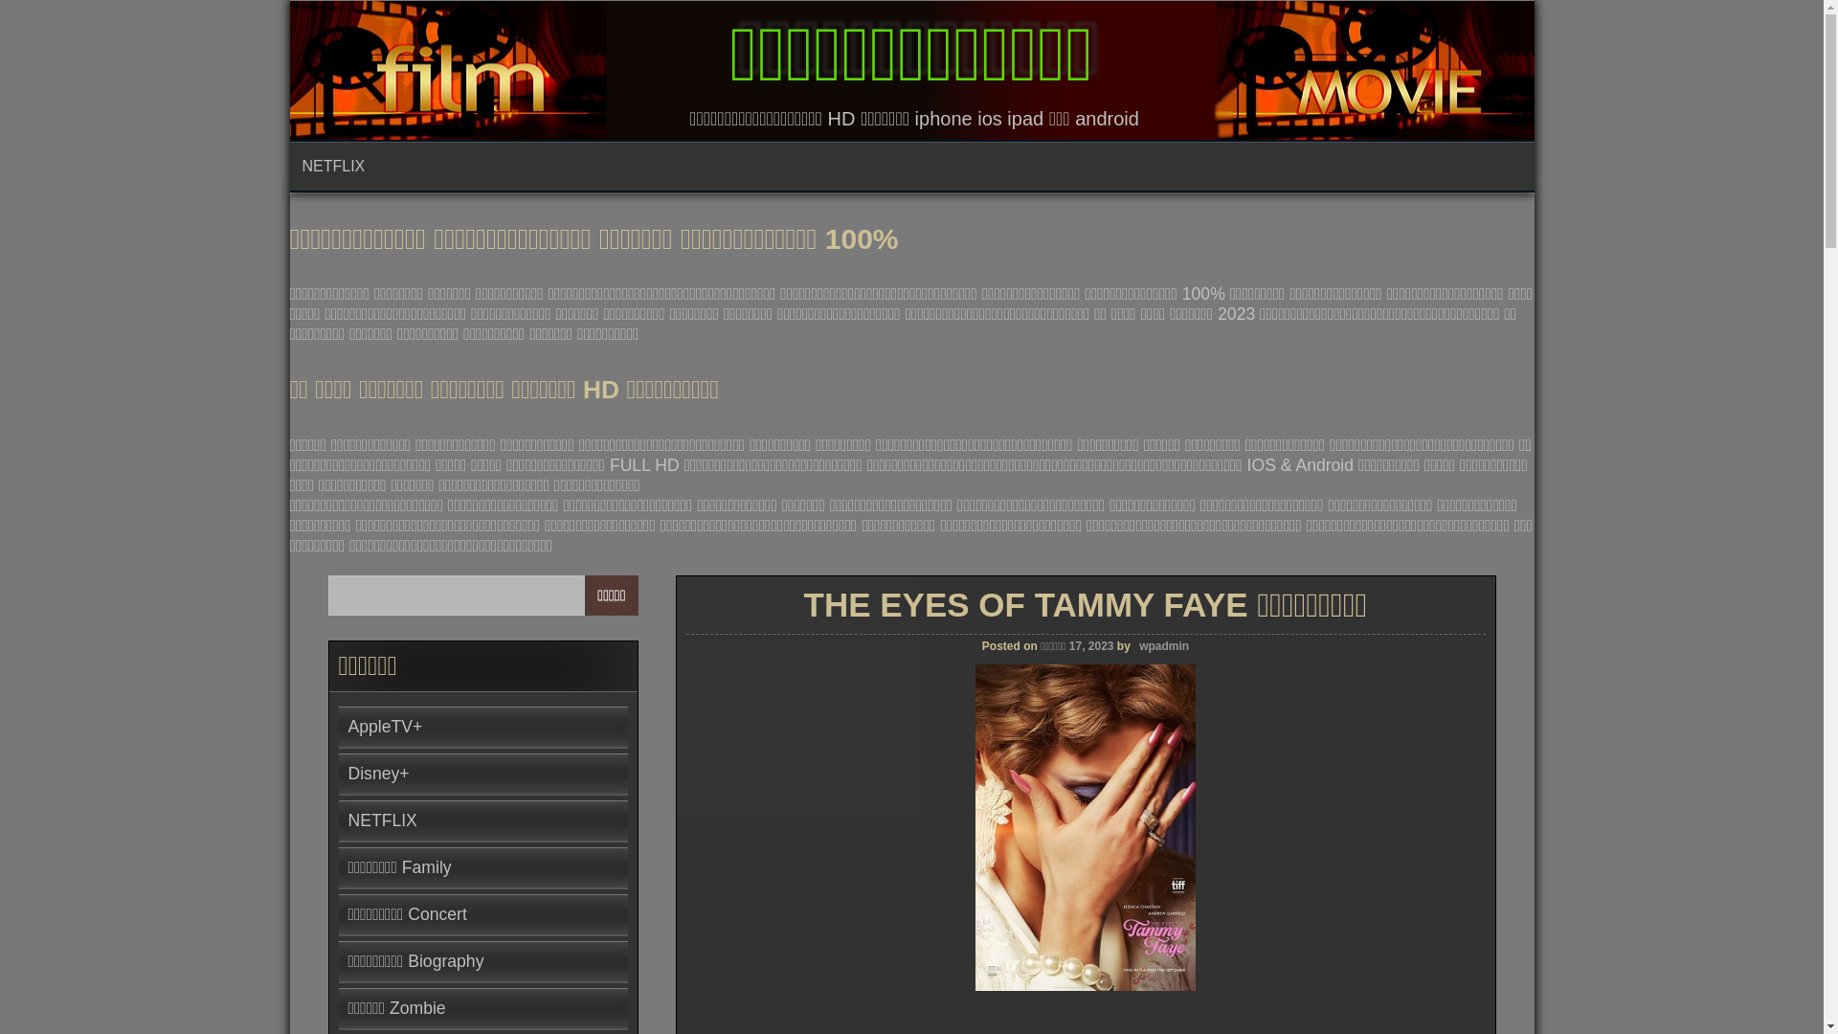  What do you see at coordinates (338, 165) in the screenshot?
I see `'NETFLIX'` at bounding box center [338, 165].